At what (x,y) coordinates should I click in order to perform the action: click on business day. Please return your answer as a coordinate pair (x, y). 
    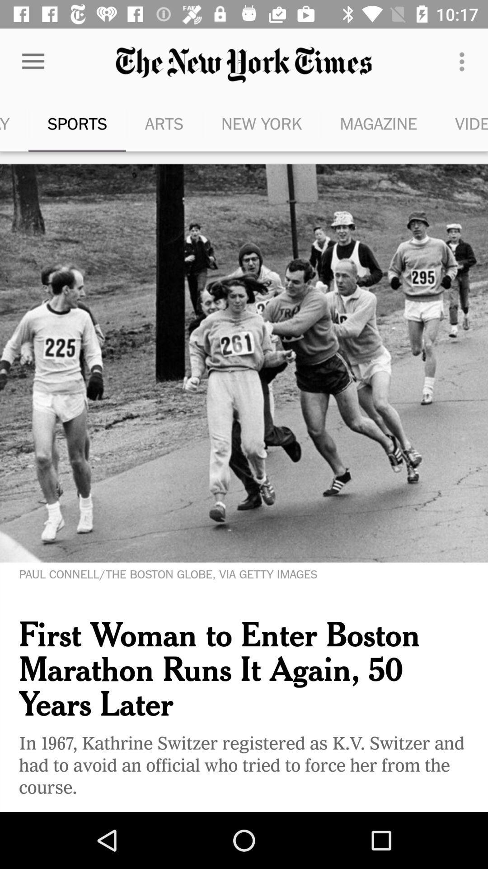
    Looking at the image, I should click on (14, 123).